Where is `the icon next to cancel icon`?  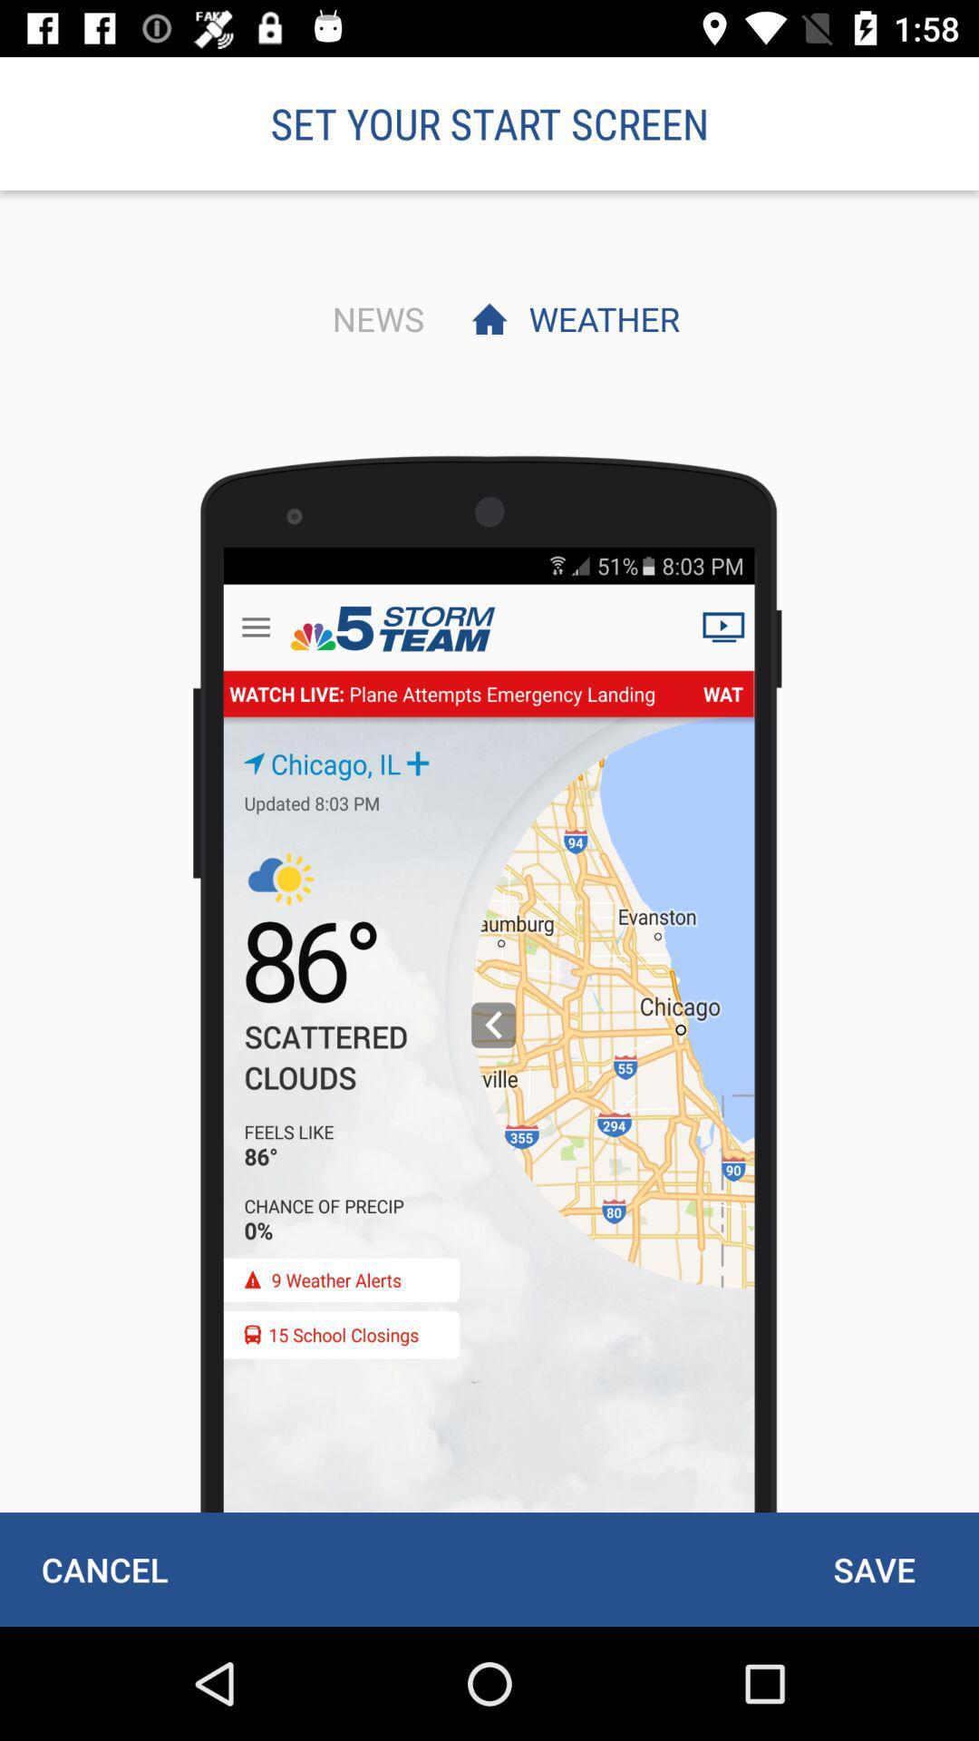 the icon next to cancel icon is located at coordinates (873, 1569).